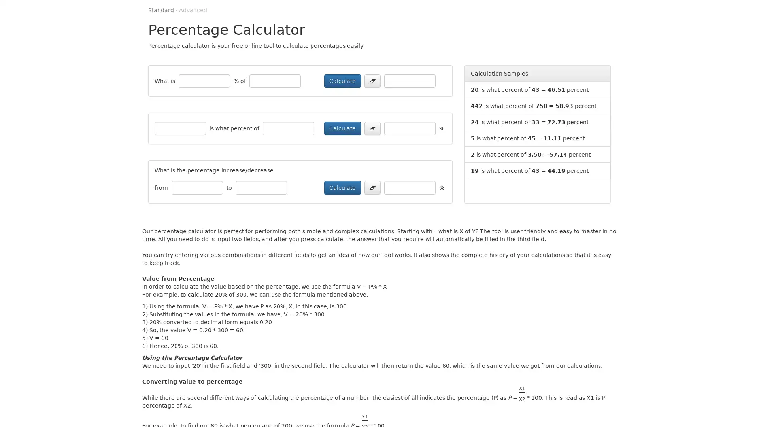  Describe the element at coordinates (342, 81) in the screenshot. I see `Calculate` at that location.